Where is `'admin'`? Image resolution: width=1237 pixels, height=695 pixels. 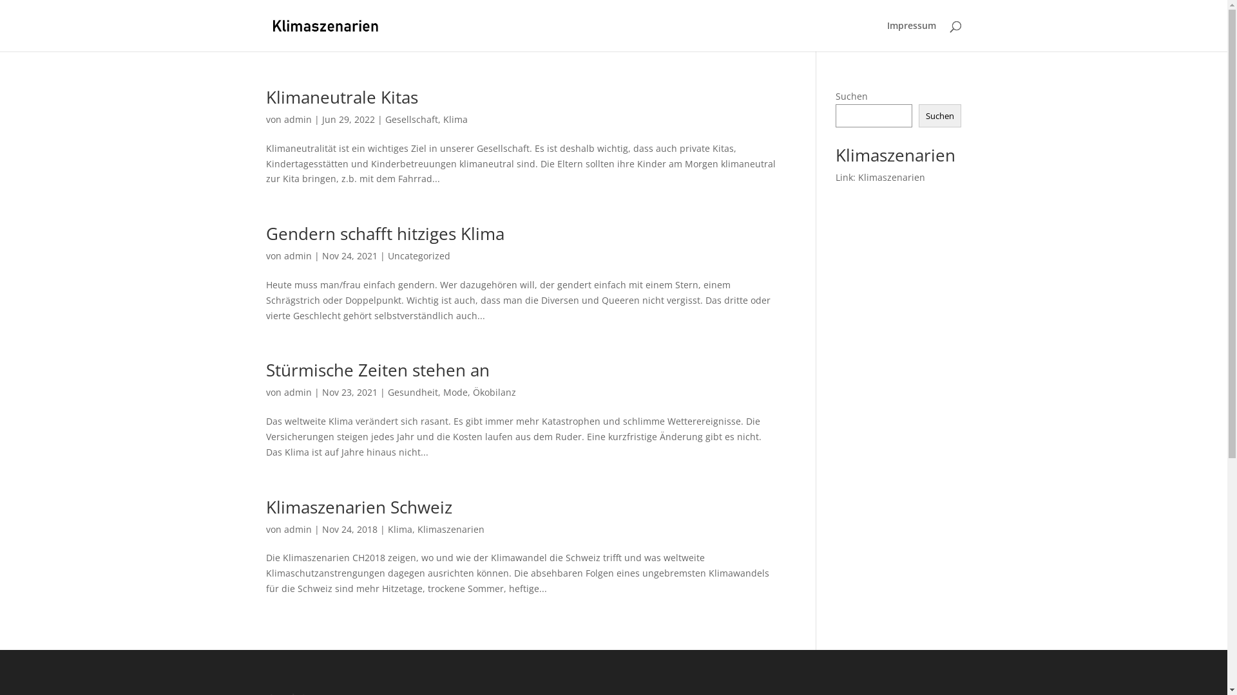 'admin' is located at coordinates (296, 119).